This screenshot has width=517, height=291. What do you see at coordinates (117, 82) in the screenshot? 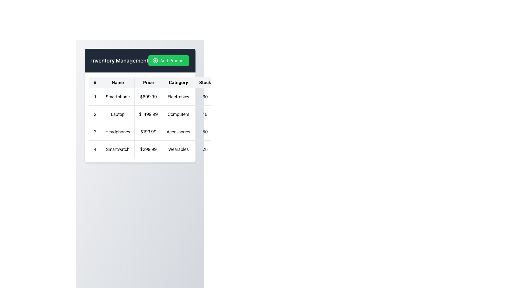
I see `text 'Name' from the table header cell that is bold, centered, and has a white background with a grey border, positioned as the second column header in the table` at bounding box center [117, 82].